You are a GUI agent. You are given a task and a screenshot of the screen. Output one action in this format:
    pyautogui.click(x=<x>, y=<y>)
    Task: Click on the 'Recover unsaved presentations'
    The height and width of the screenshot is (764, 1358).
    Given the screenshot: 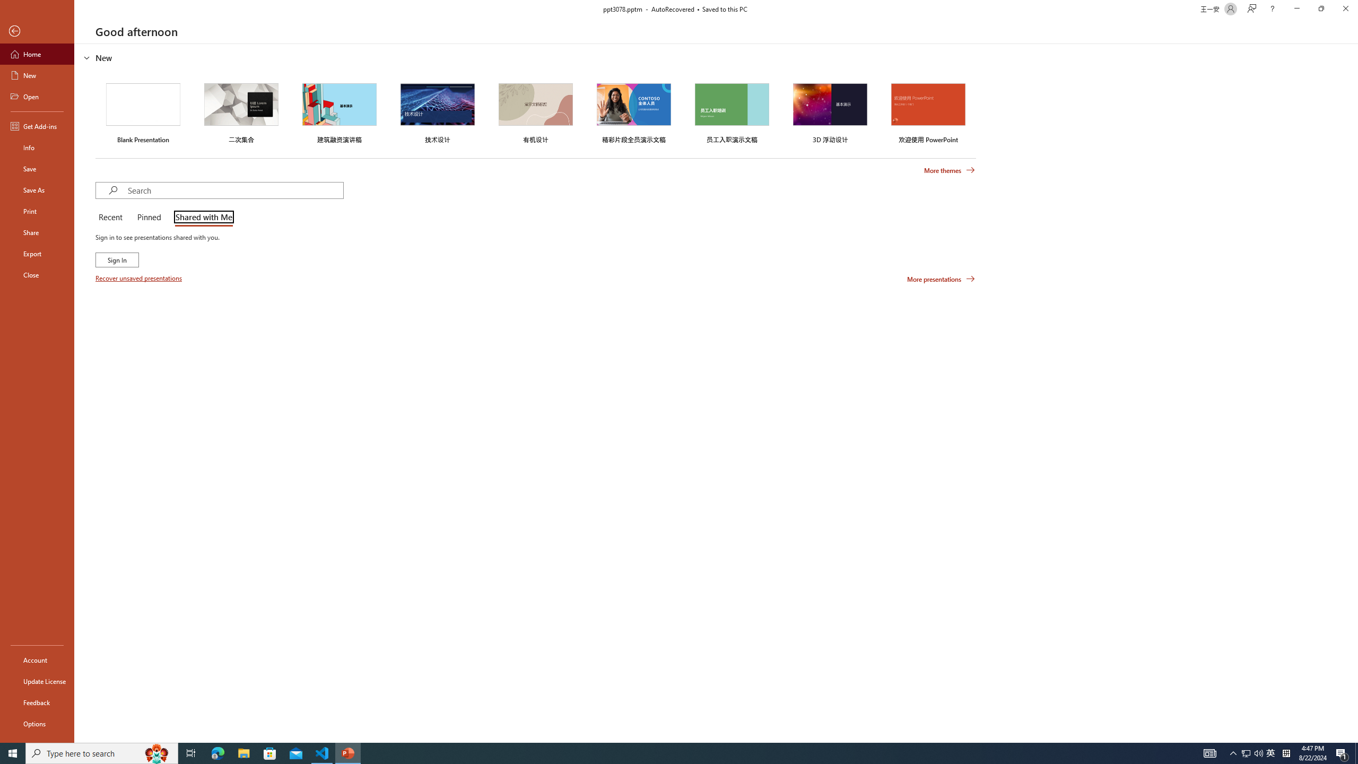 What is the action you would take?
    pyautogui.click(x=139, y=278)
    